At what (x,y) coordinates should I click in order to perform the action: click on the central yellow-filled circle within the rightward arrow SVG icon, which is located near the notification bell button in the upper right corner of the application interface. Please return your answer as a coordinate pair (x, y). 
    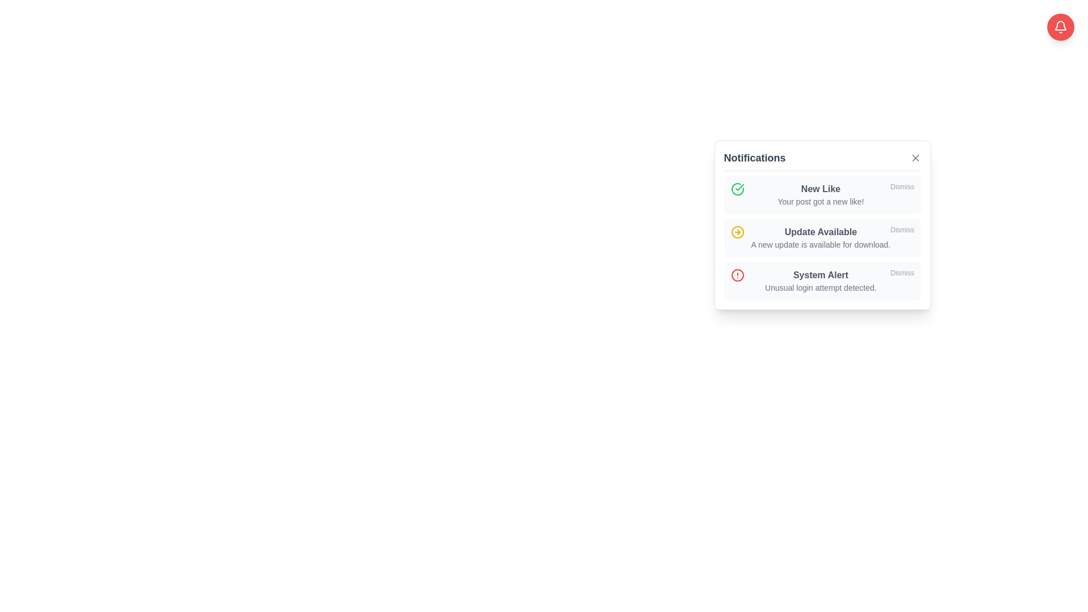
    Looking at the image, I should click on (737, 231).